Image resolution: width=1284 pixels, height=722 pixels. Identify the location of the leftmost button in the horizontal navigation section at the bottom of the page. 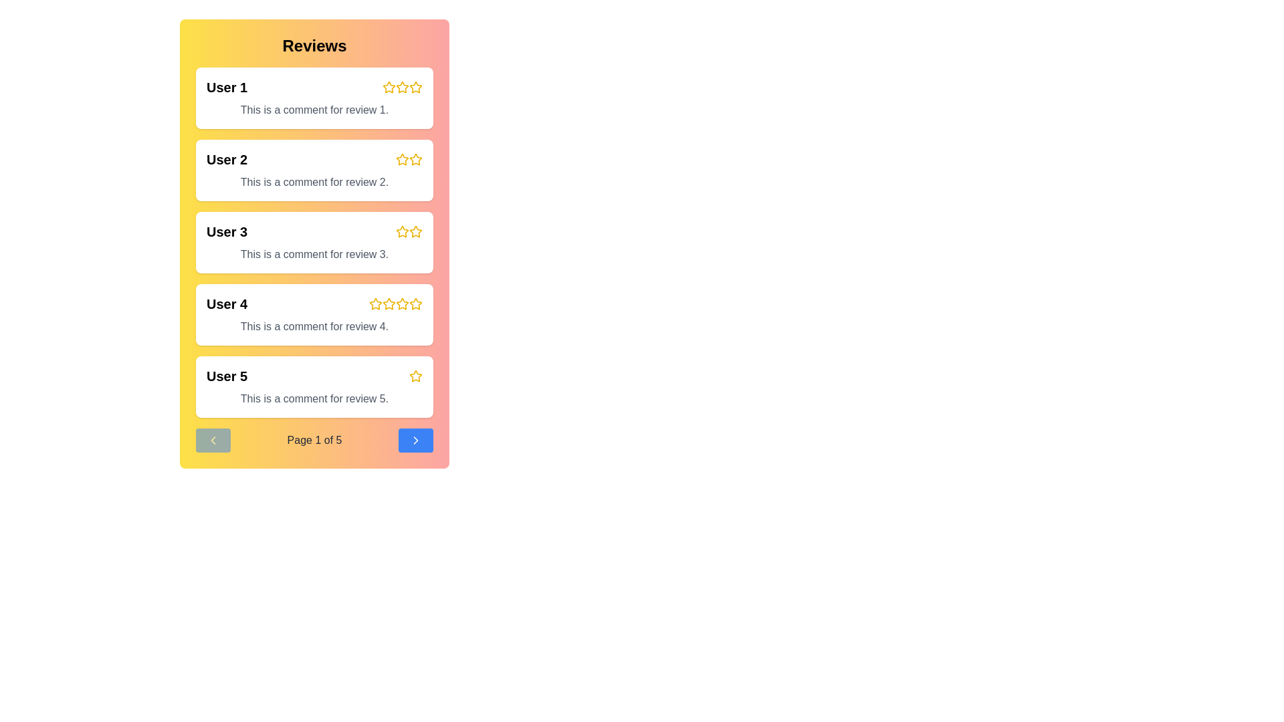
(212, 441).